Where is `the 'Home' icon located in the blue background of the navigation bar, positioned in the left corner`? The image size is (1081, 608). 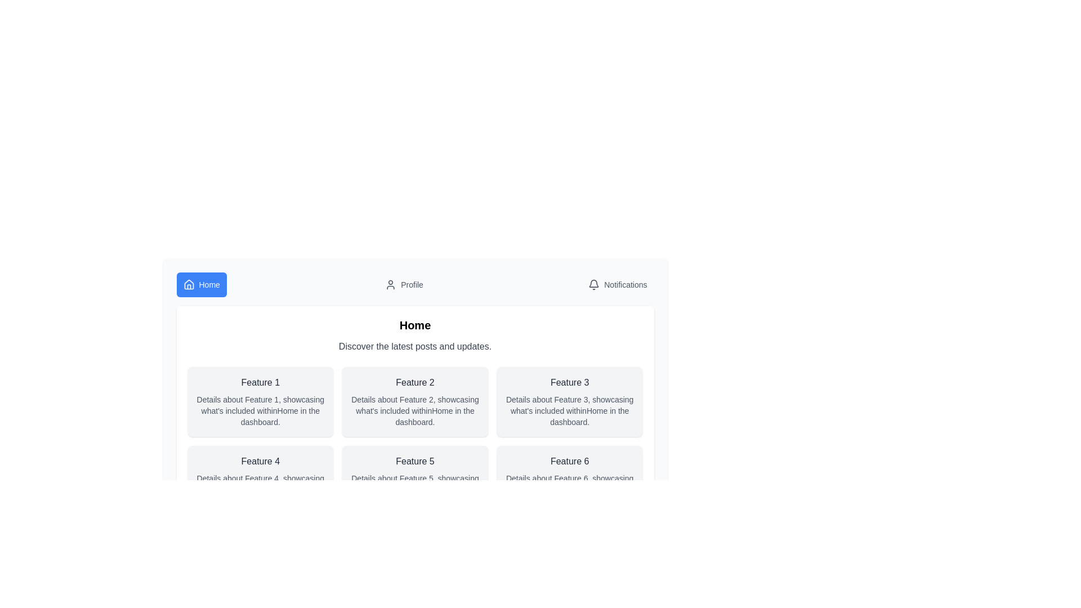
the 'Home' icon located in the blue background of the navigation bar, positioned in the left corner is located at coordinates (189, 284).